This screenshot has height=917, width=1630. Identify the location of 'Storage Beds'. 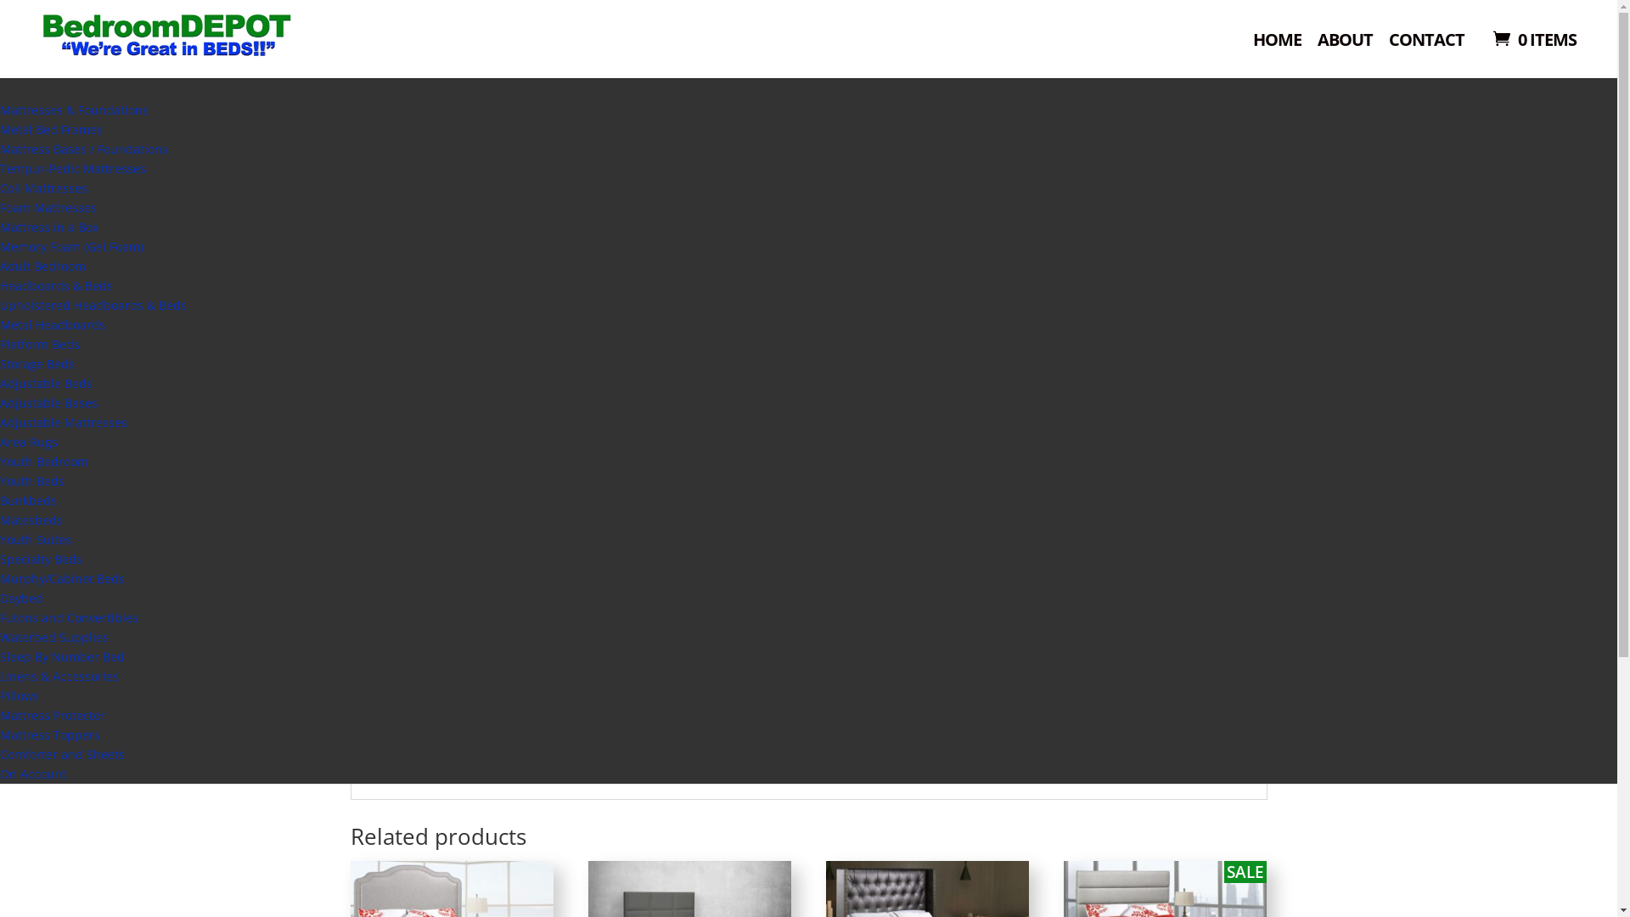
(0, 363).